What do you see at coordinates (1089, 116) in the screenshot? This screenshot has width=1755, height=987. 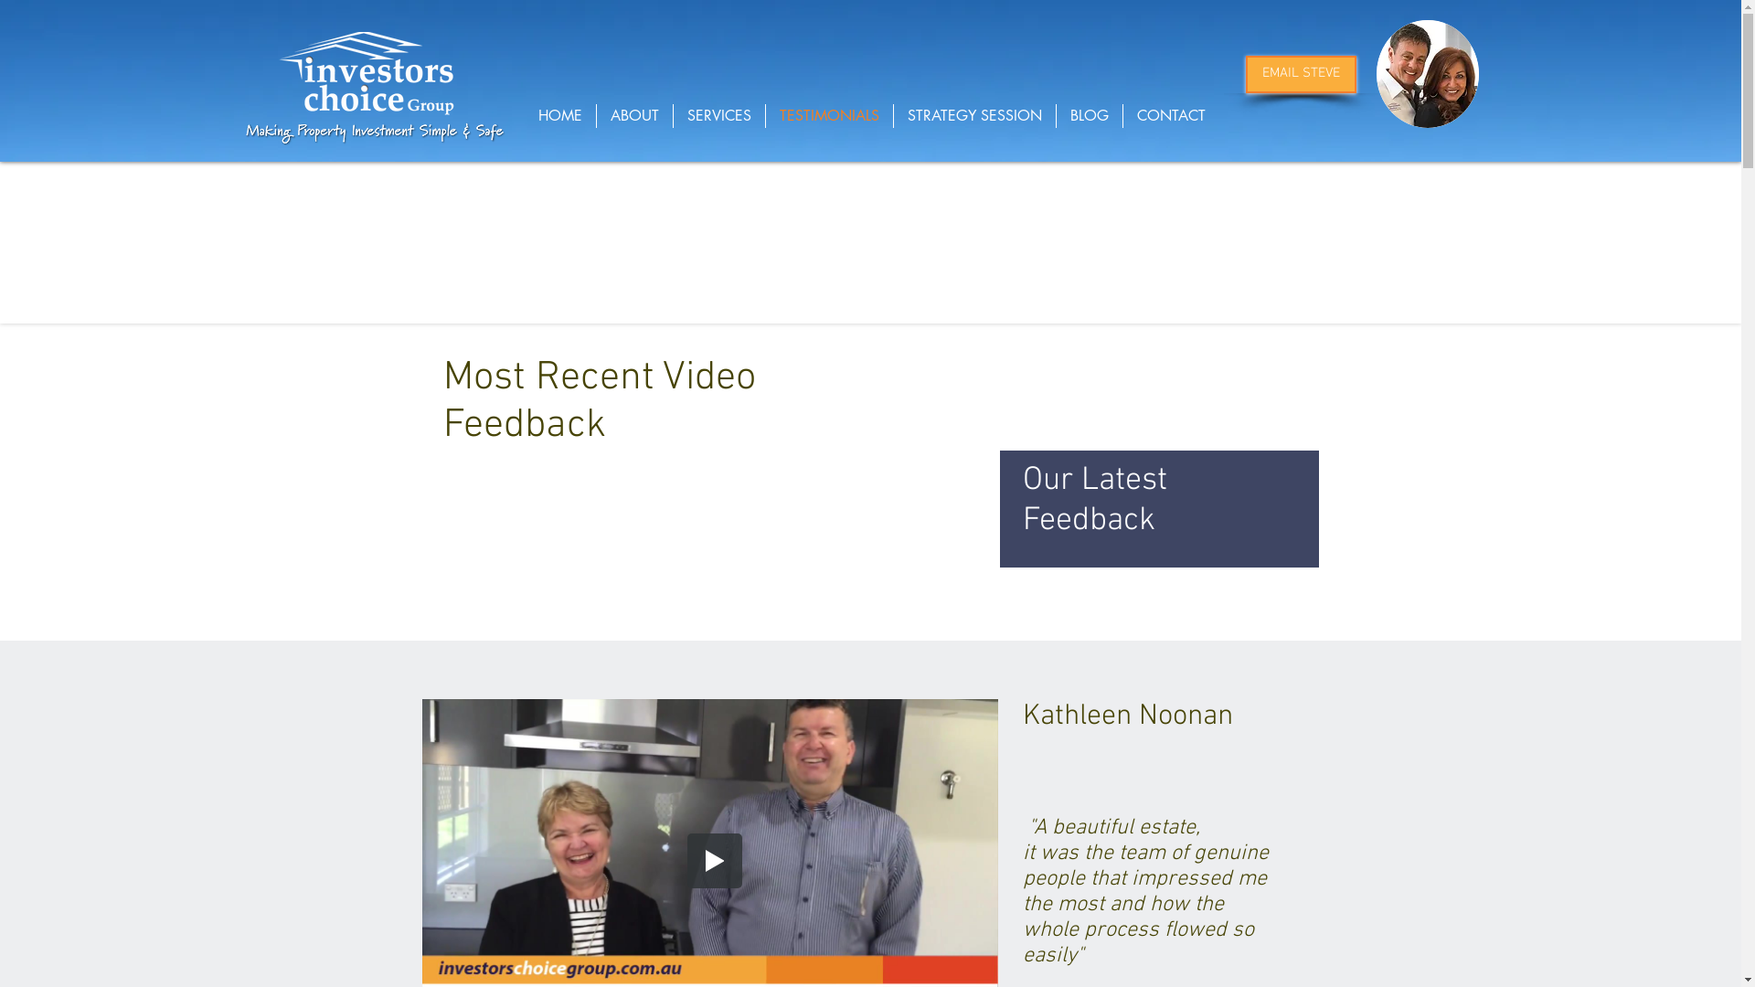 I see `'BLOG'` at bounding box center [1089, 116].